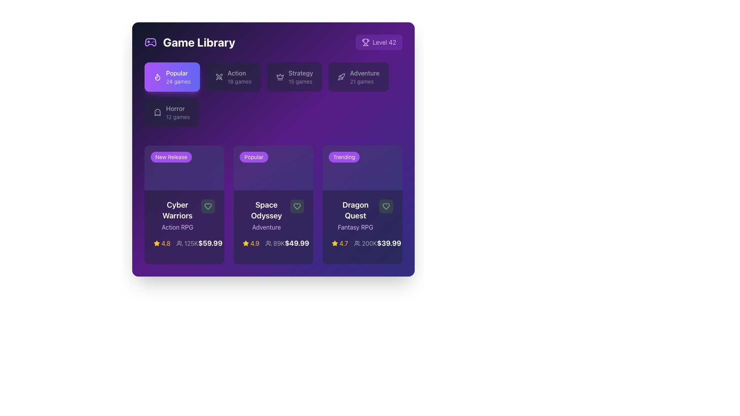 The width and height of the screenshot is (740, 416). Describe the element at coordinates (269, 243) in the screenshot. I see `the user group icon located in the 'Popular' game card, which is depicted as an outline of three figures against a purple background, positioned left of the text '89K'` at that location.